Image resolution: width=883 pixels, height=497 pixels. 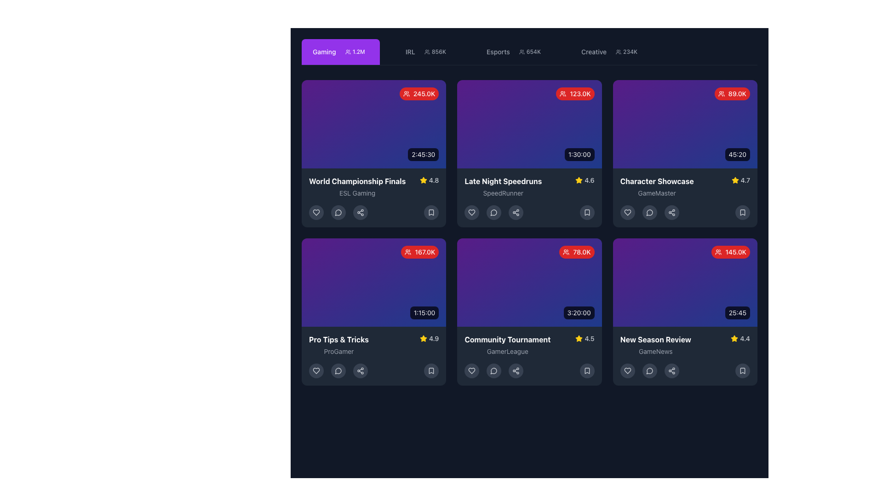 I want to click on the static text label displaying the duration of the content located at the bottom-right corner of the 'Late Night Speedruns' card, so click(x=579, y=154).